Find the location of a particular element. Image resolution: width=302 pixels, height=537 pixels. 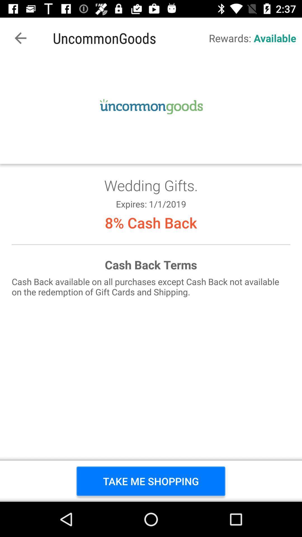

the icon at the top left corner is located at coordinates (20, 38).